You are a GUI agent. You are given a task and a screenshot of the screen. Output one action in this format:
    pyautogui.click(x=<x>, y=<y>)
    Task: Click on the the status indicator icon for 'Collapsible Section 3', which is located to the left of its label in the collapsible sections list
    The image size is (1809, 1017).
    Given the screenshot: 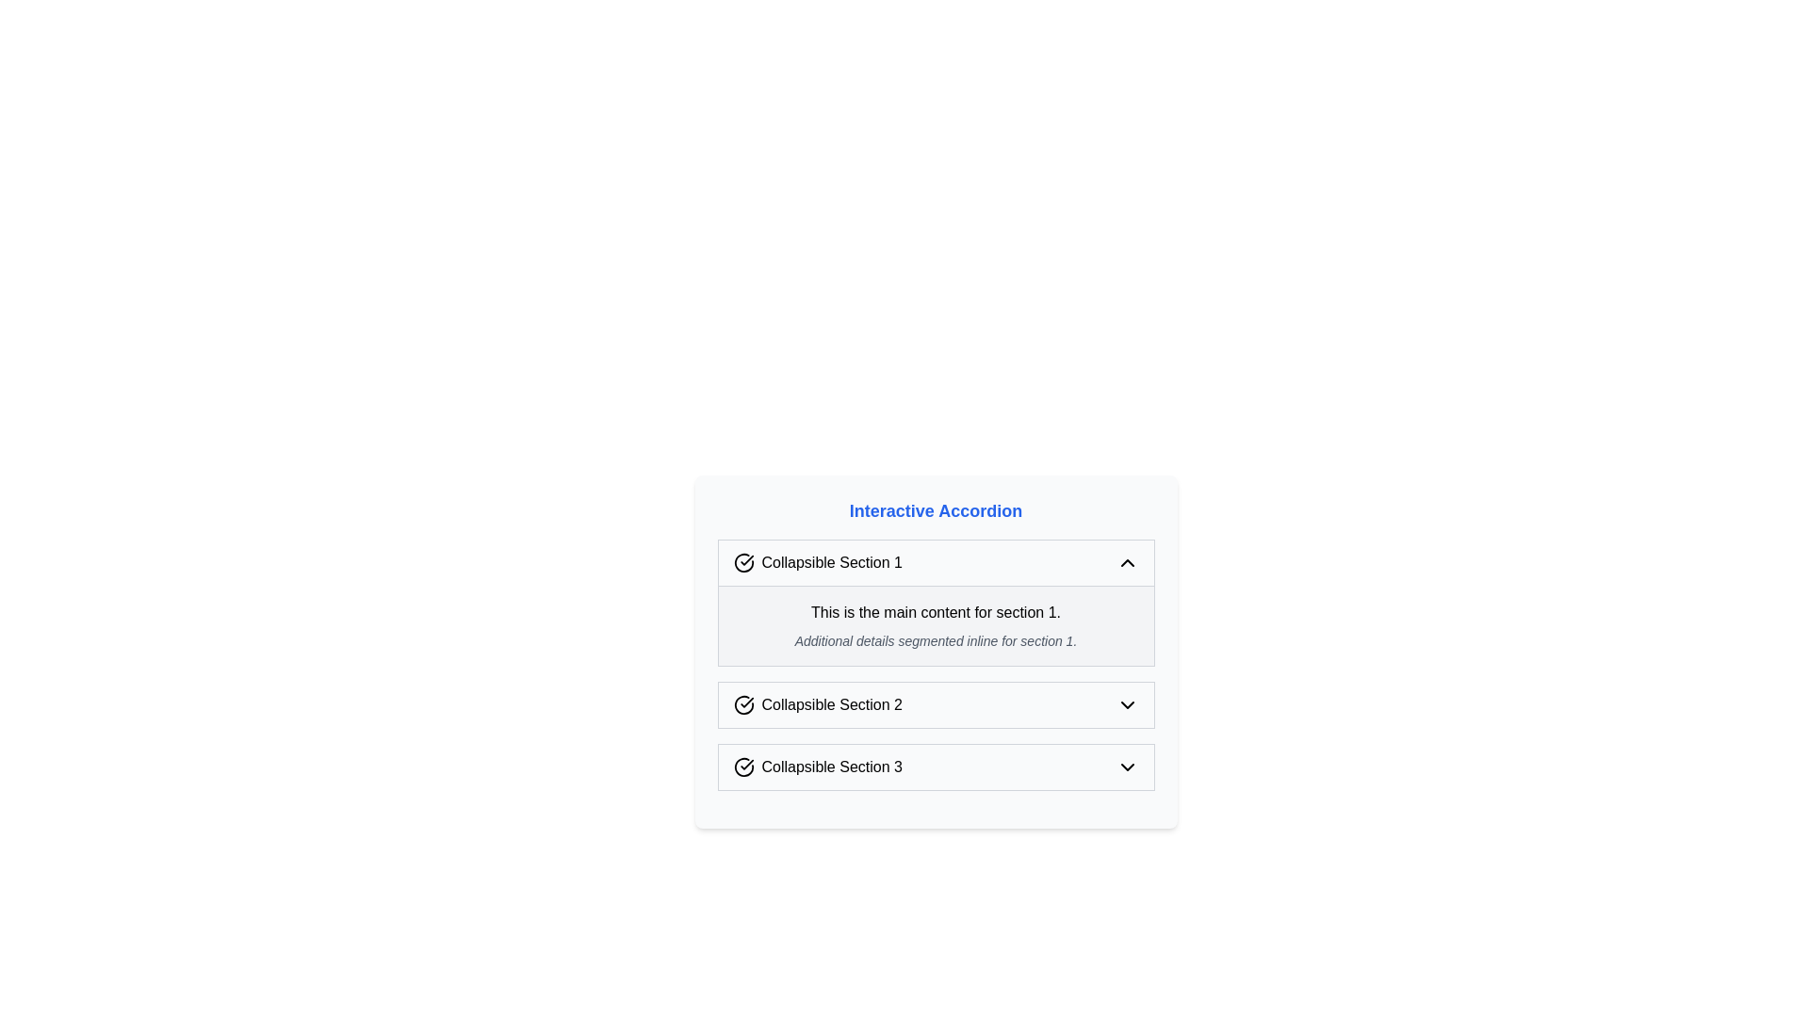 What is the action you would take?
    pyautogui.click(x=742, y=767)
    